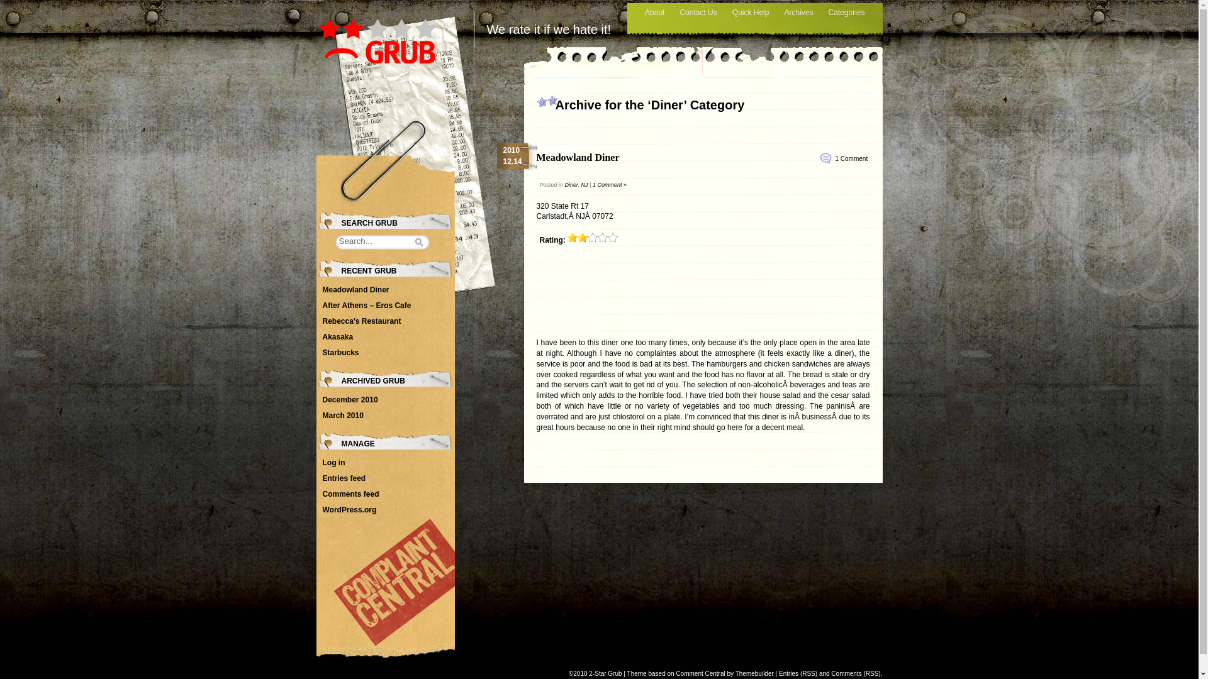 This screenshot has width=1208, height=679. Describe the element at coordinates (584, 184) in the screenshot. I see `'NJ'` at that location.